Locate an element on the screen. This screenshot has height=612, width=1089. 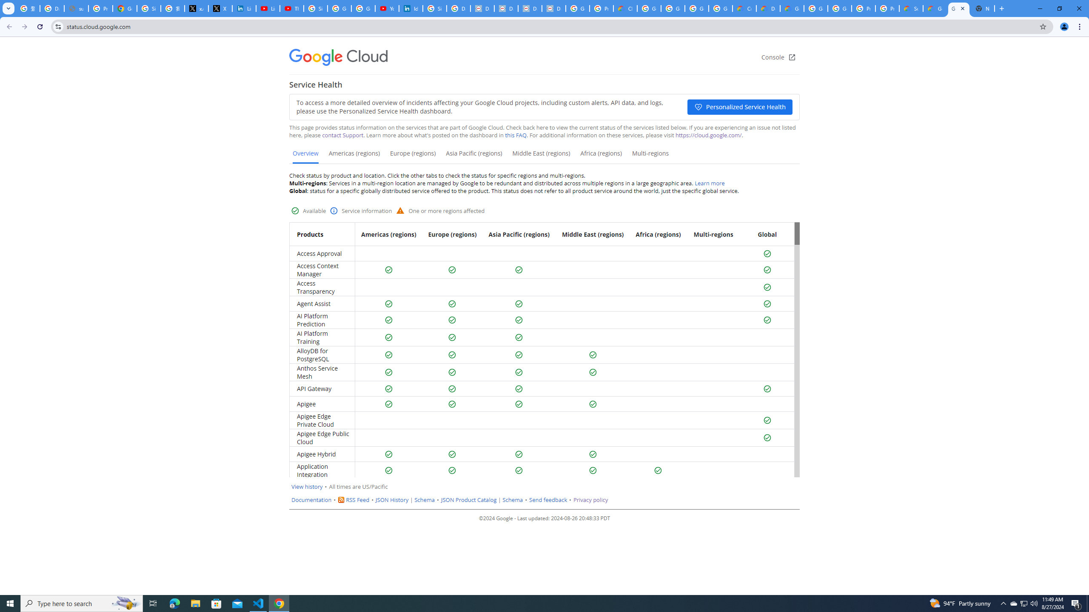
'Cloud Data Processing Addendum | Google Cloud' is located at coordinates (625, 8).